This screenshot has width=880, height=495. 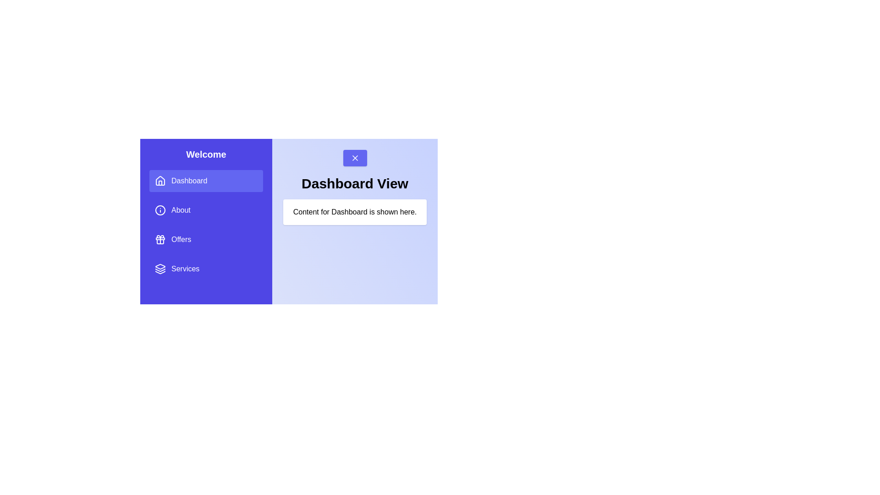 What do you see at coordinates (206, 239) in the screenshot?
I see `the menu item Offers to observe the hover effect` at bounding box center [206, 239].